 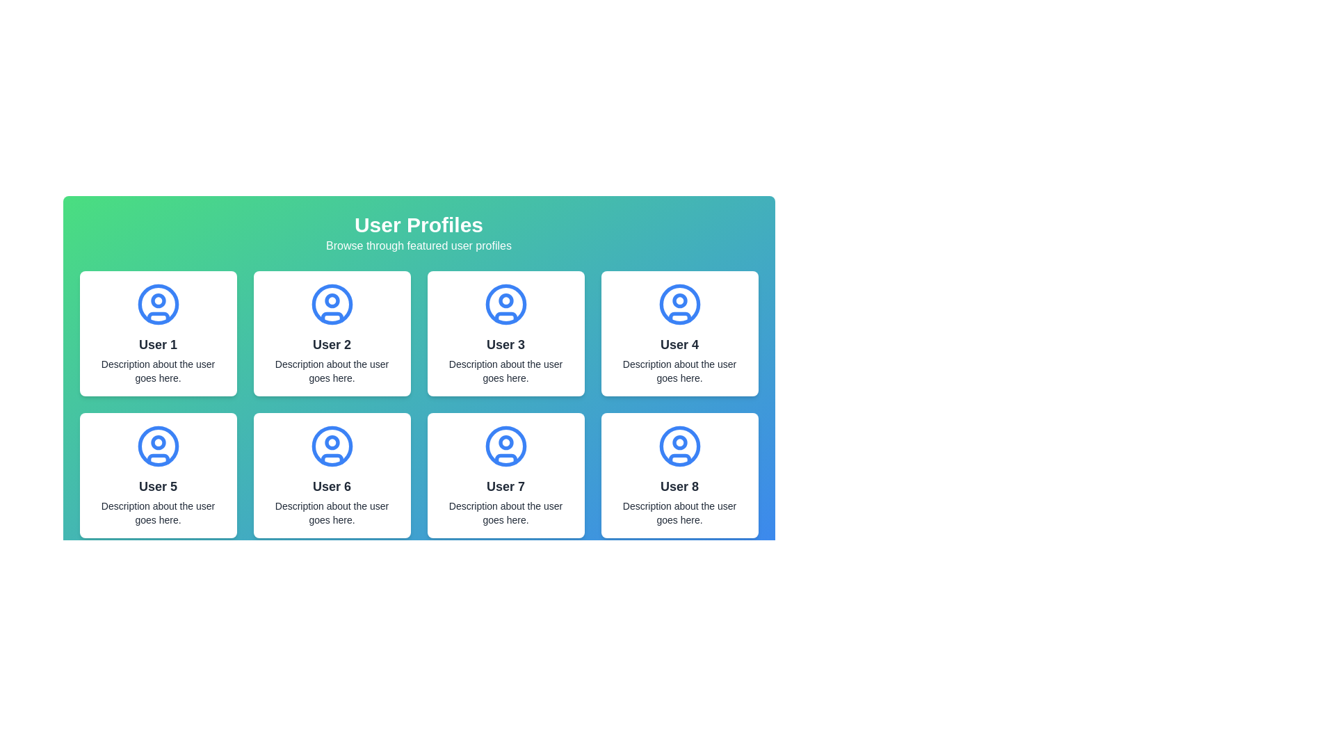 What do you see at coordinates (418, 232) in the screenshot?
I see `the informational header text block that introduces the section containing user profiles, located centrally at the top of the user interface` at bounding box center [418, 232].